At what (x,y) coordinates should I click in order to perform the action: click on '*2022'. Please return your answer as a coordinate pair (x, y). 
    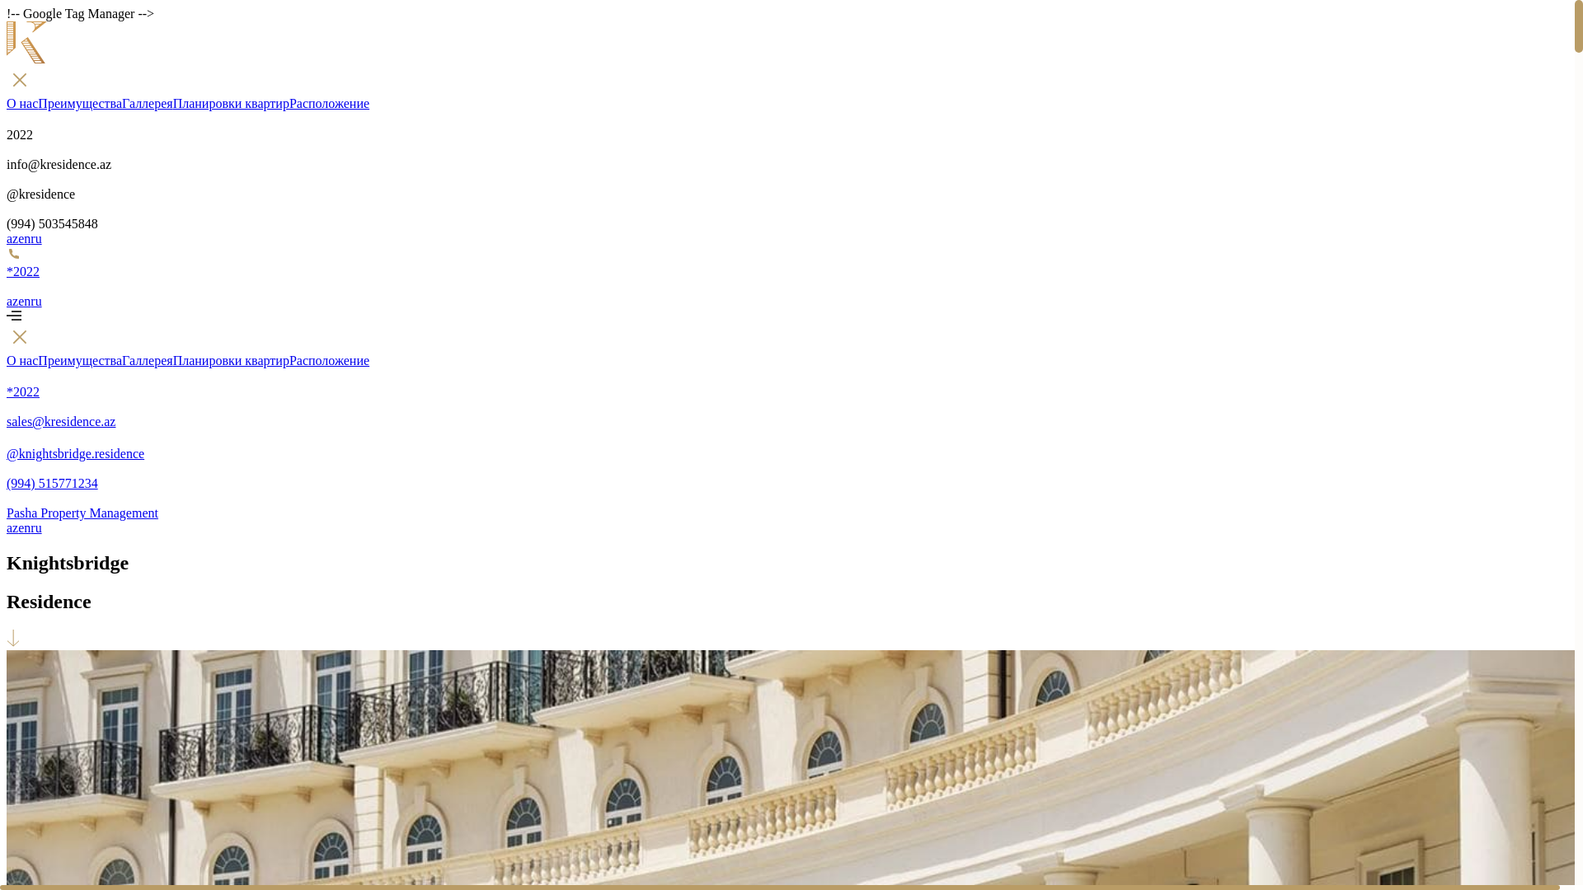
    Looking at the image, I should click on (787, 269).